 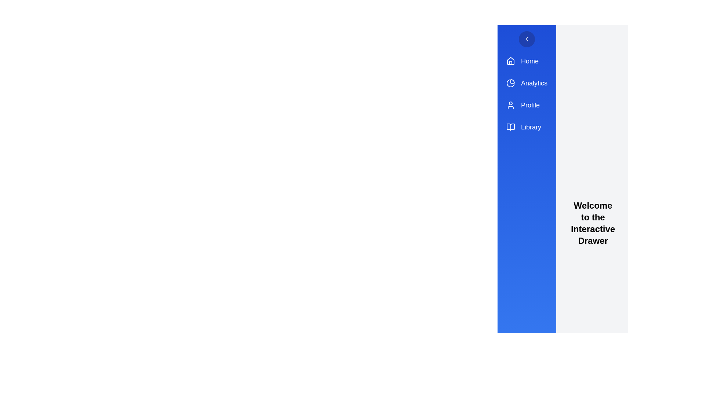 I want to click on the menu item labeled Analytics to navigate, so click(x=527, y=83).